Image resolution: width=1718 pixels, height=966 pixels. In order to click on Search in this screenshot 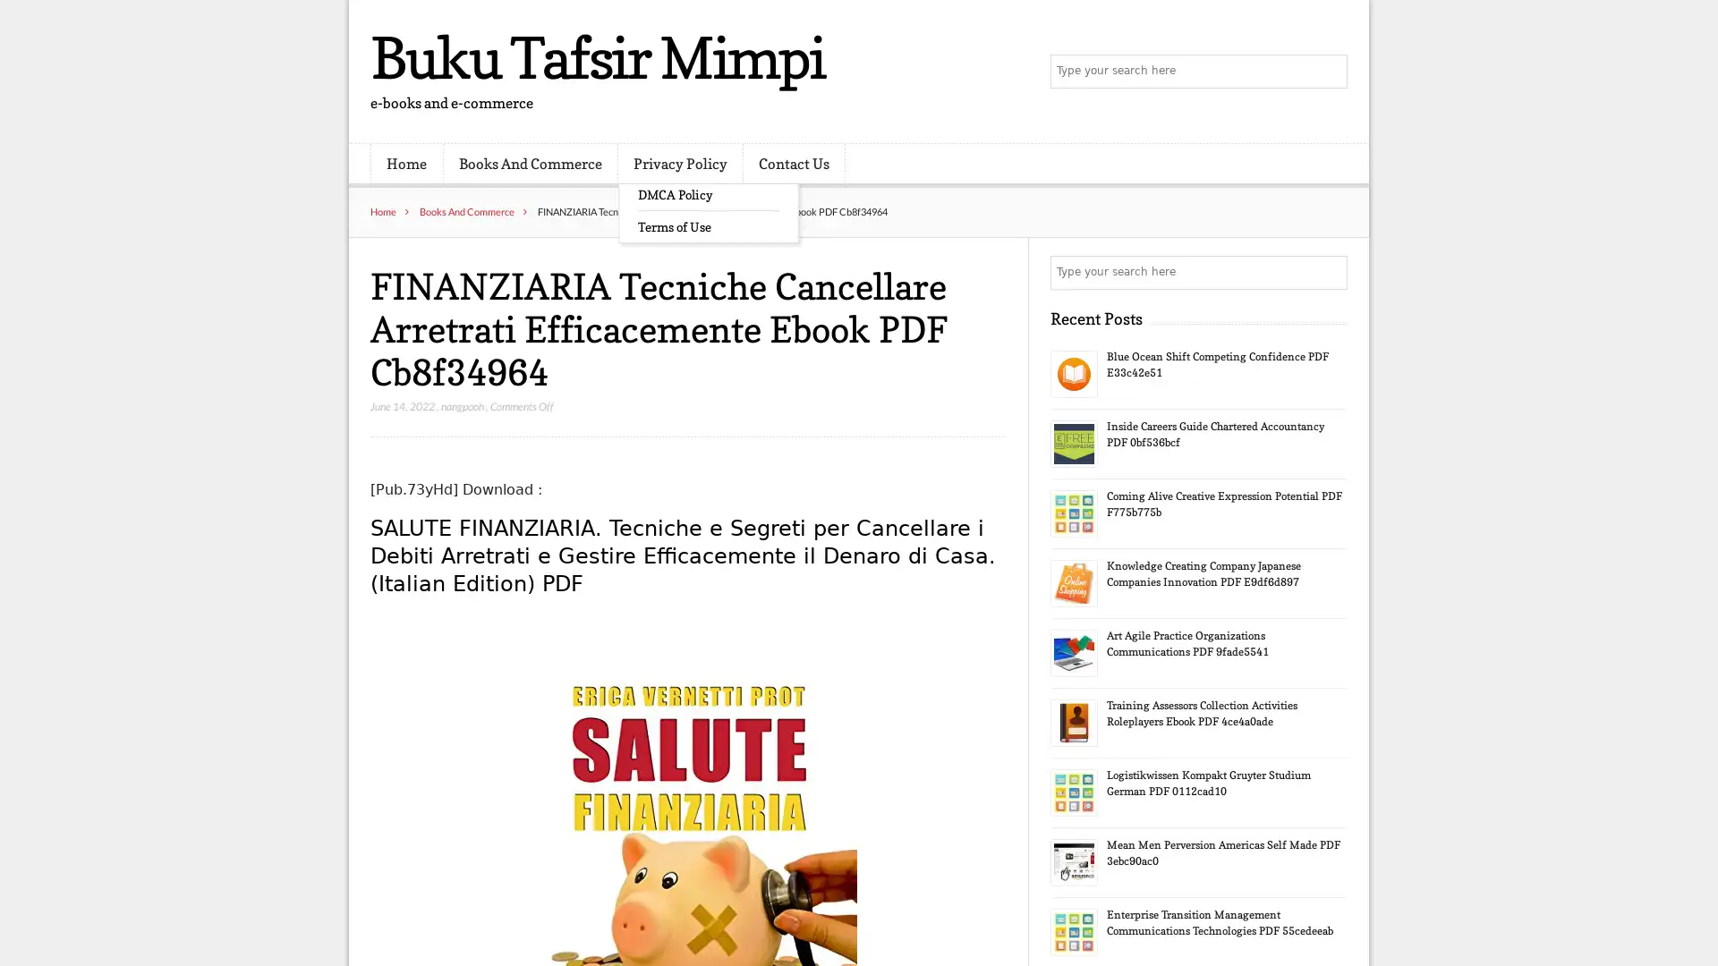, I will do `click(1329, 272)`.